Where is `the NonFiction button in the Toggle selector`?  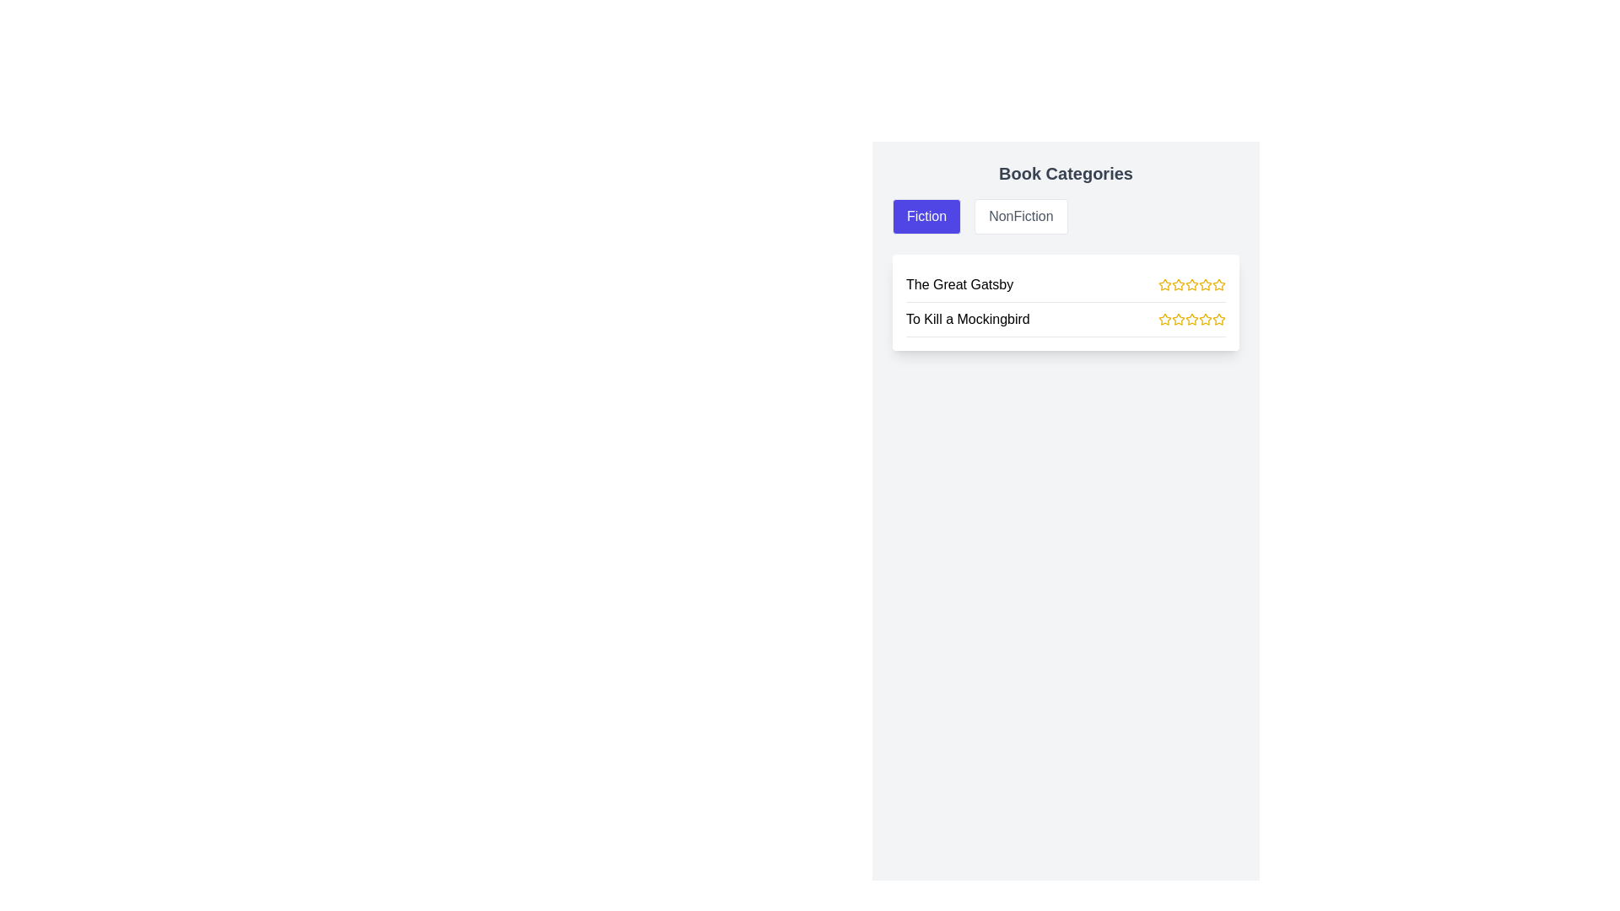
the NonFiction button in the Toggle selector is located at coordinates (1065, 216).